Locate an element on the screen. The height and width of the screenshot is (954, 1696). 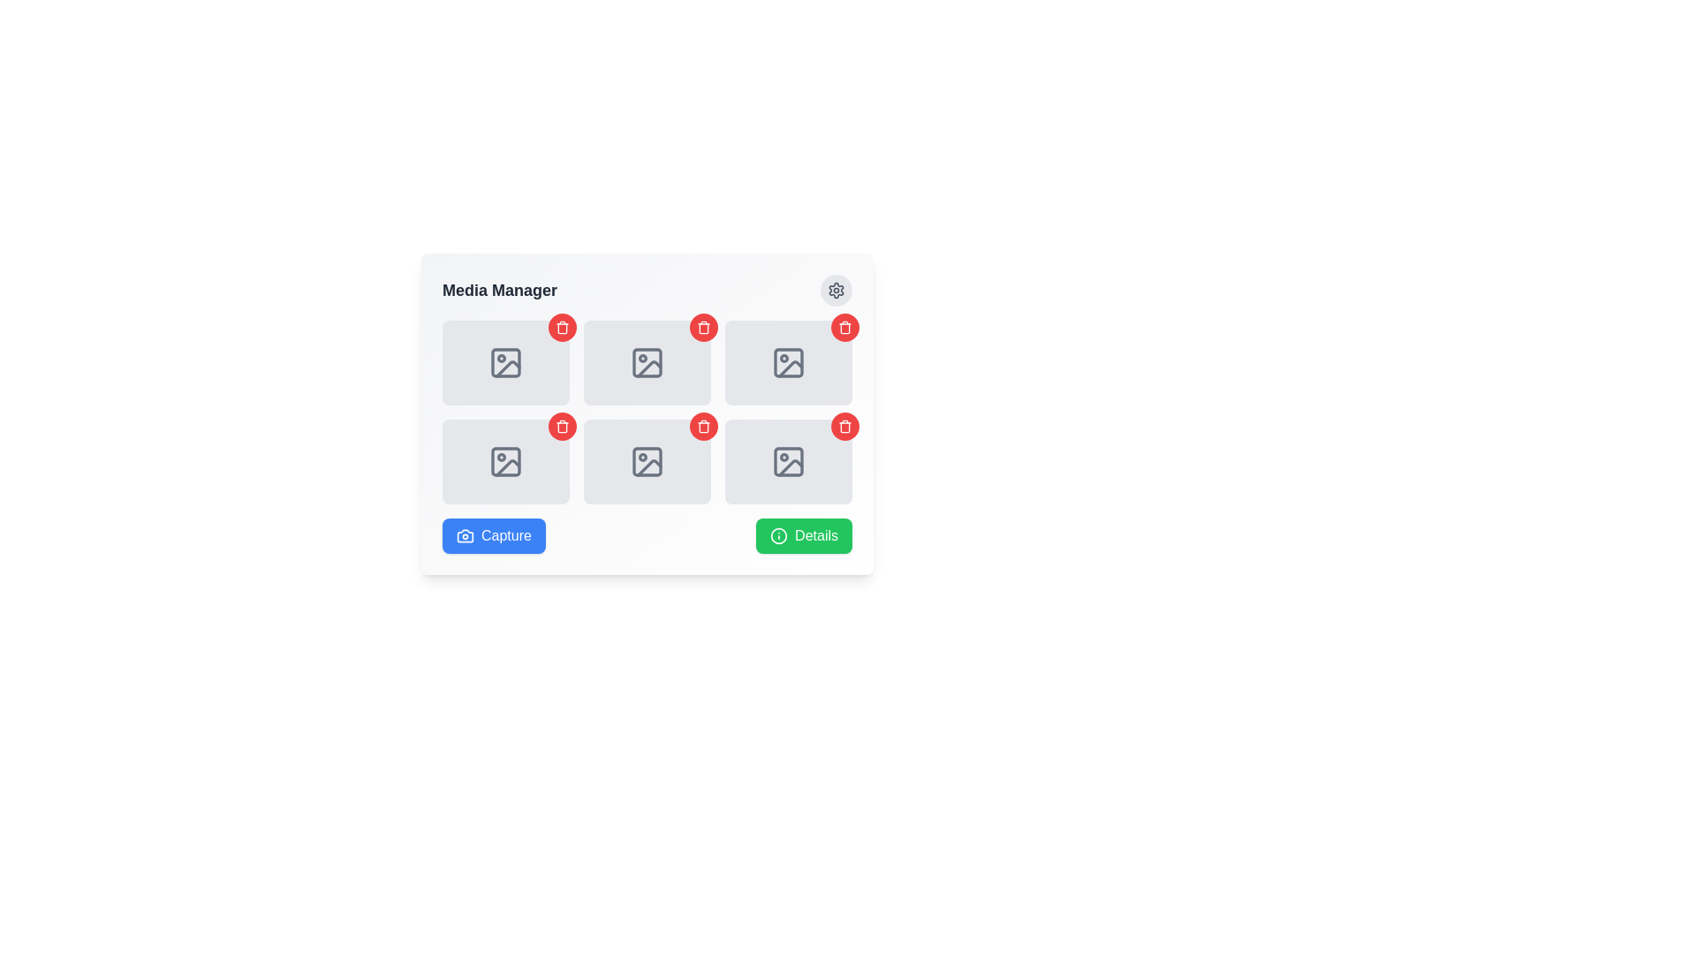
the delete icon button located at the top-right corner of the red circular button in the media manager interface to initiate a delete action is located at coordinates (702, 327).